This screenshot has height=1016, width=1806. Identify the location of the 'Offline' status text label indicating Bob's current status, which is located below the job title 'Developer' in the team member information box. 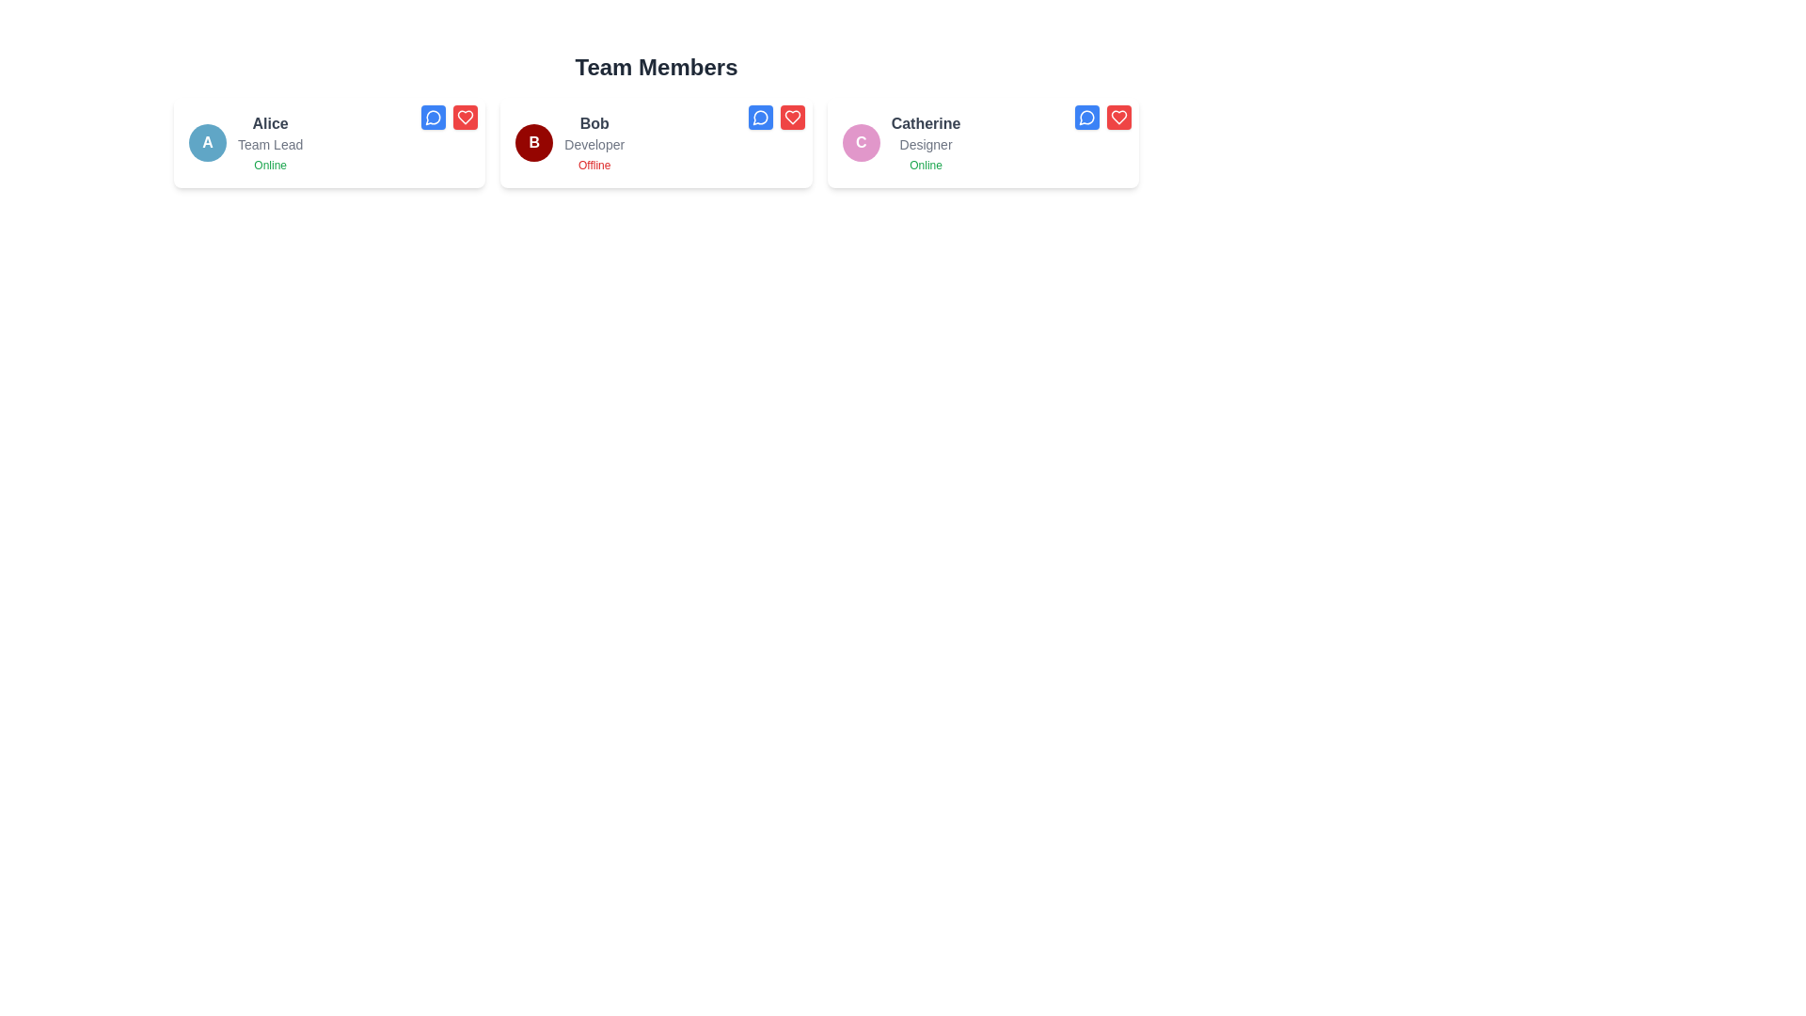
(594, 165).